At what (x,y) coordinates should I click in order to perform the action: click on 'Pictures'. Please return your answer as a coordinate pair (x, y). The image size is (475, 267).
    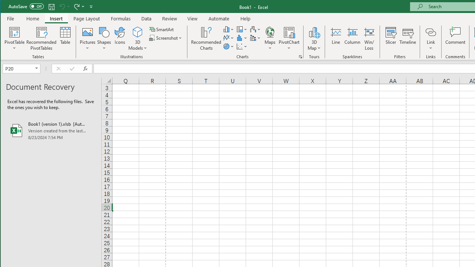
    Looking at the image, I should click on (88, 39).